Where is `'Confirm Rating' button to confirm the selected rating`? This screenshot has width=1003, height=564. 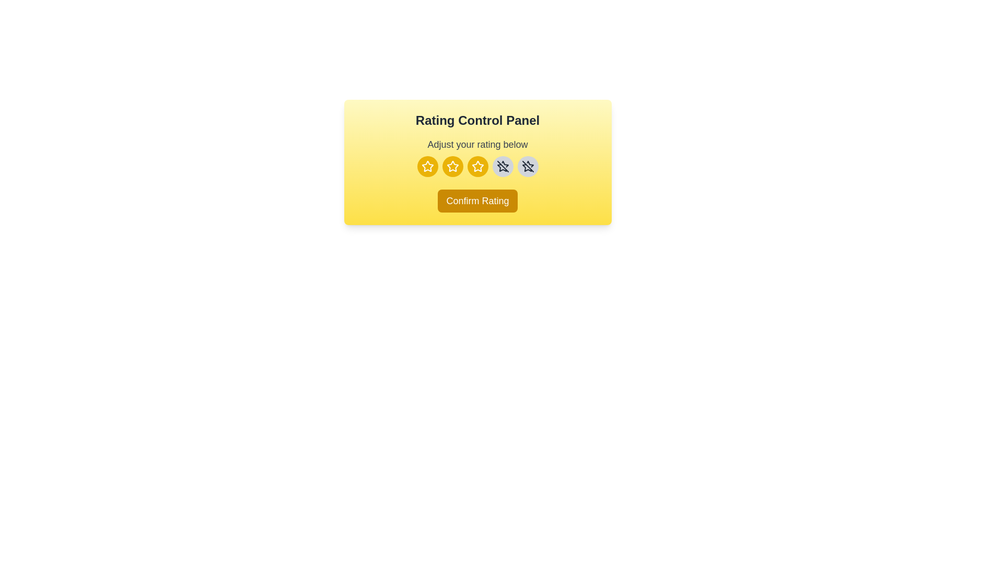
'Confirm Rating' button to confirm the selected rating is located at coordinates (476, 201).